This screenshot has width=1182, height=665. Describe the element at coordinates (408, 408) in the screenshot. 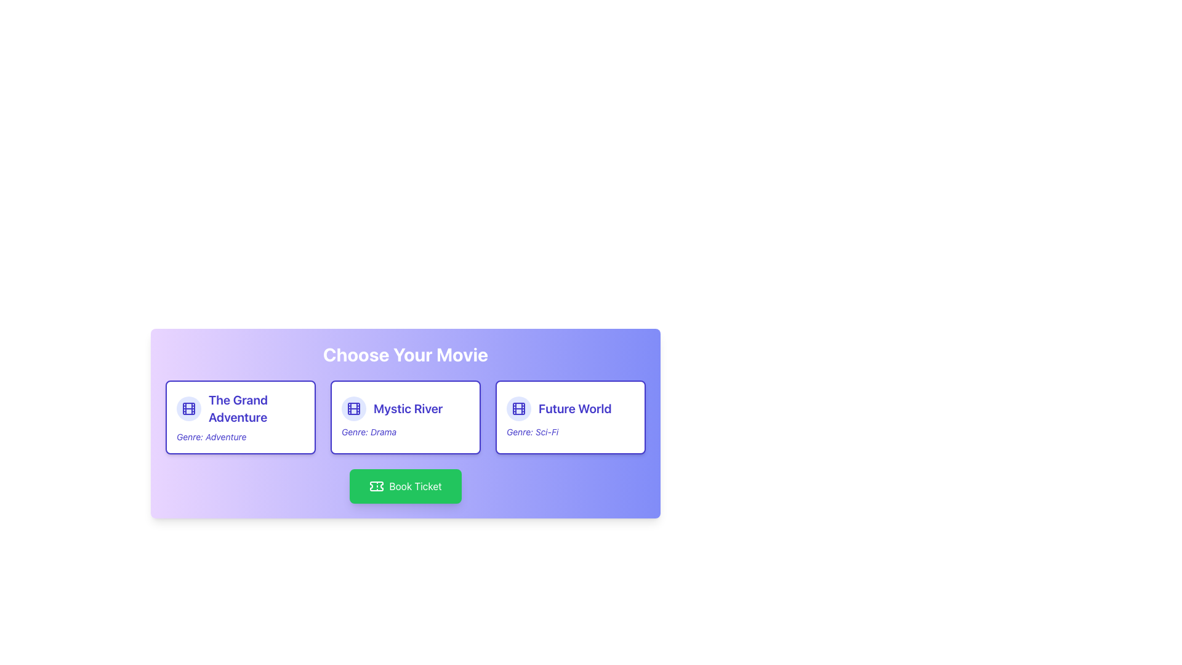

I see `the text label that serves as the title for a selectable movie option, located between 'The Grand Adventure' and 'Future World'` at that location.